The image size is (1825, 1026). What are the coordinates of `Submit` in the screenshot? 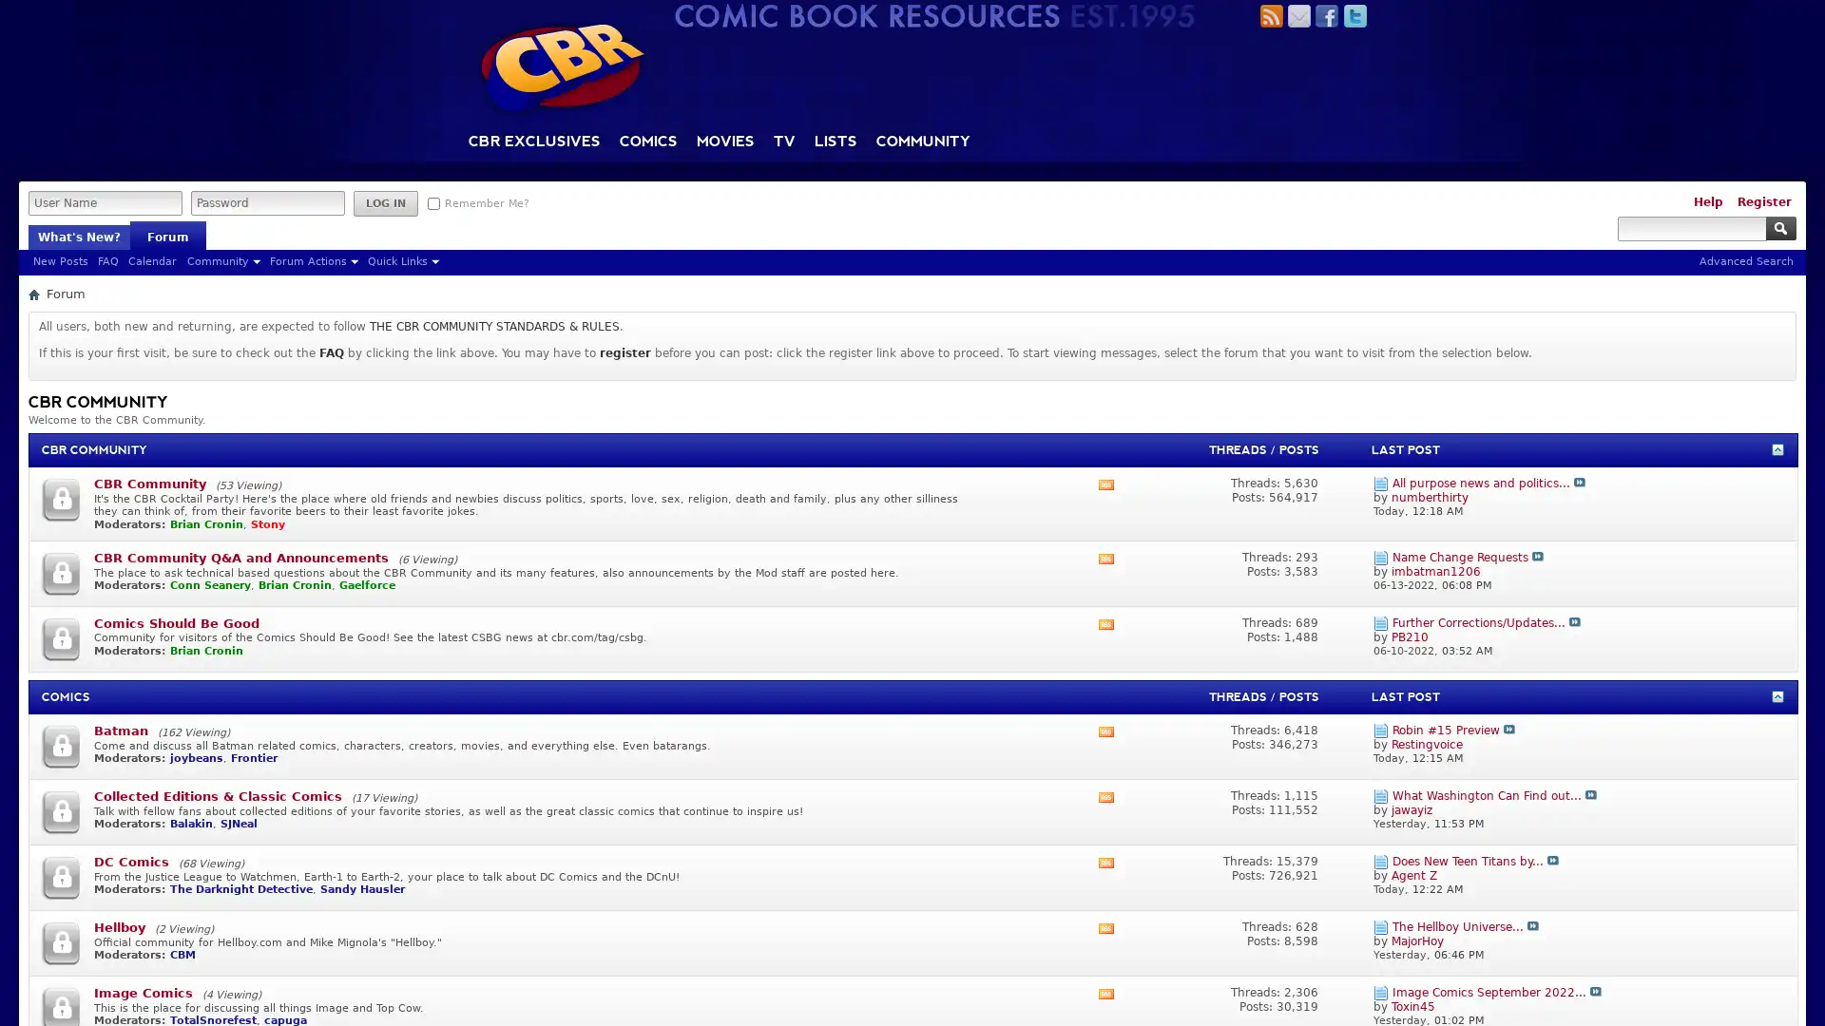 It's located at (1779, 226).